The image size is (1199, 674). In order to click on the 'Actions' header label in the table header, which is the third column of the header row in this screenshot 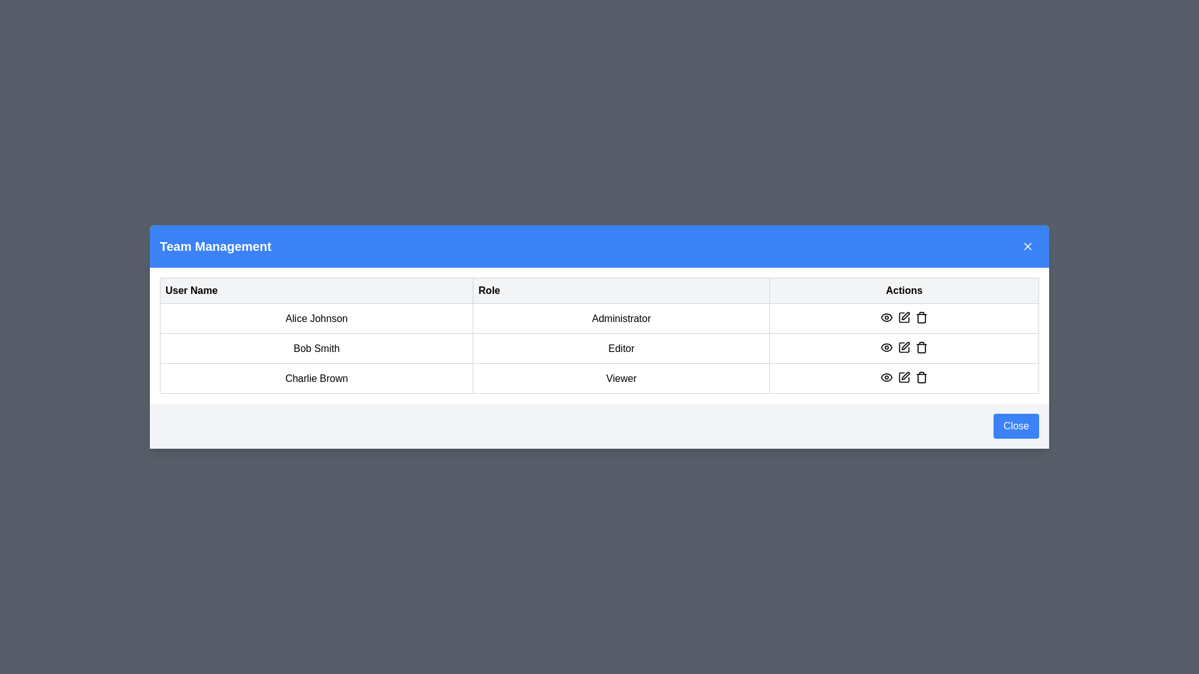, I will do `click(904, 291)`.